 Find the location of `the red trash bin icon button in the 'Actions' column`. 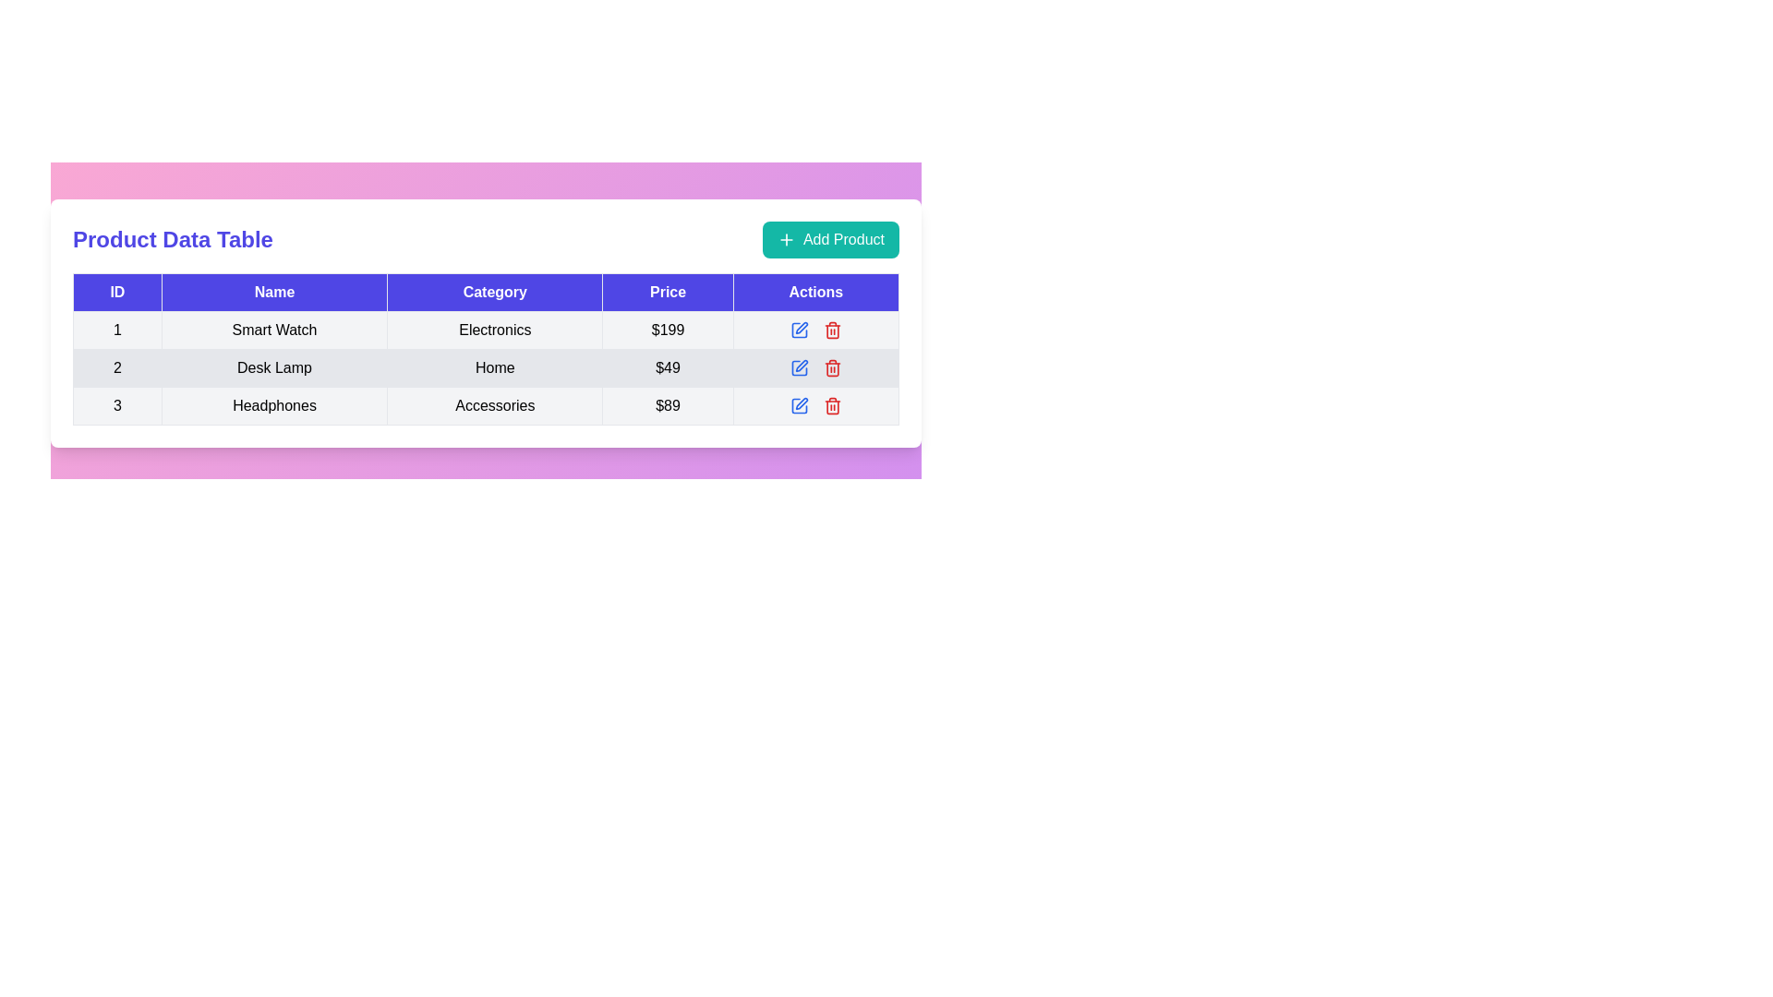

the red trash bin icon button in the 'Actions' column is located at coordinates (831, 330).